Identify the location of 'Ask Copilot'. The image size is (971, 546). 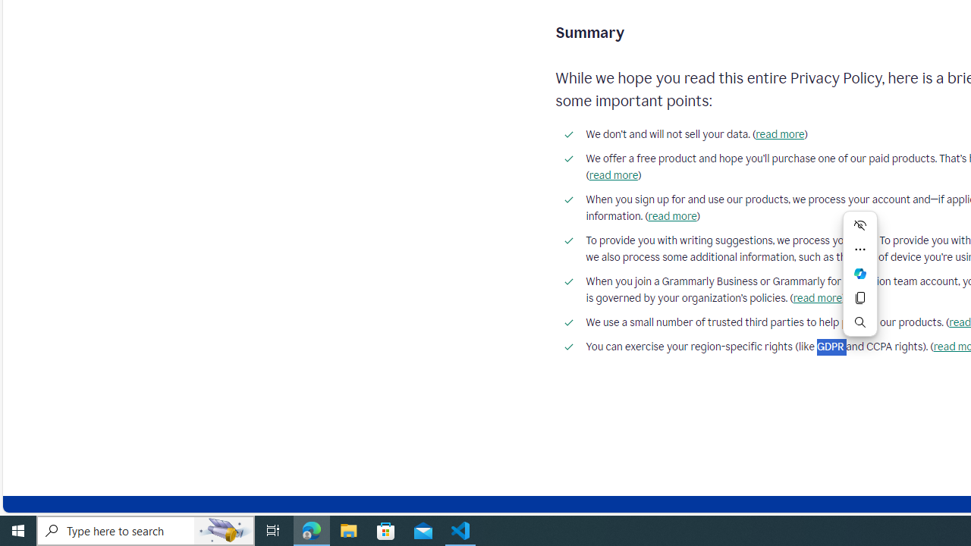
(860, 274).